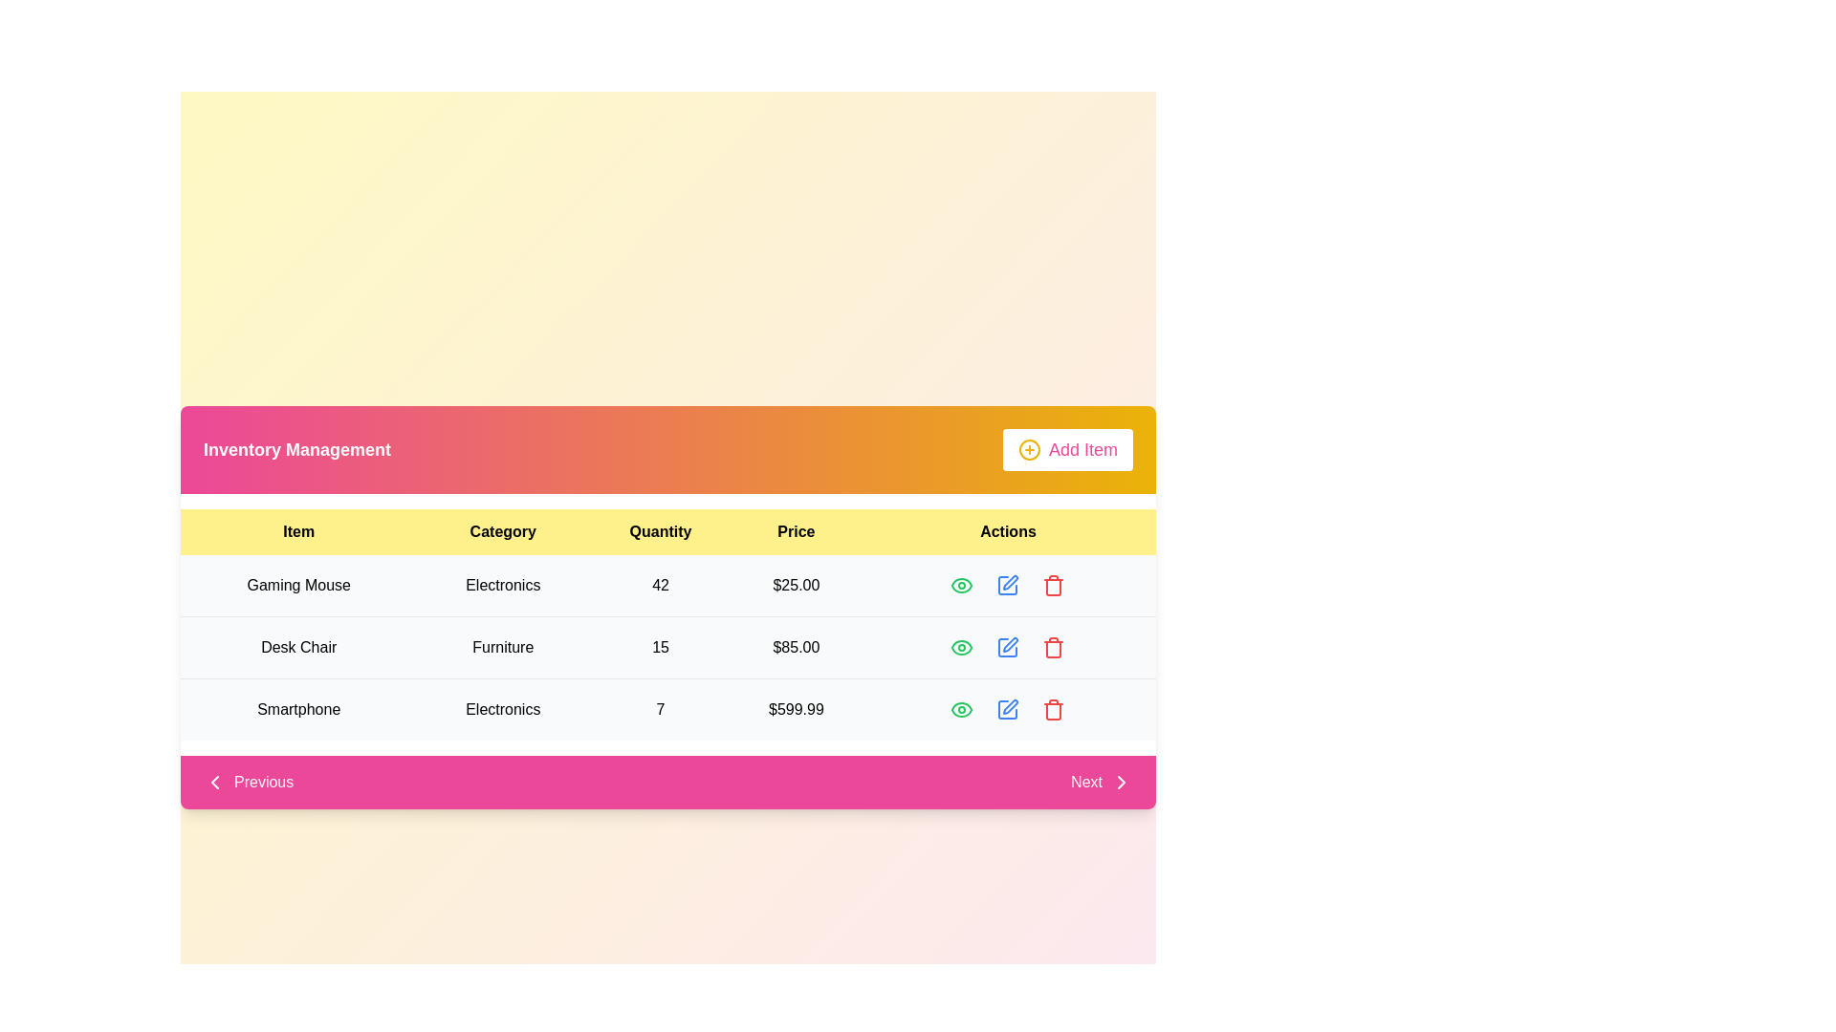 Image resolution: width=1836 pixels, height=1032 pixels. I want to click on the green eye-shaped icon in the 'Actions' column of the first row of the table, so click(962, 585).